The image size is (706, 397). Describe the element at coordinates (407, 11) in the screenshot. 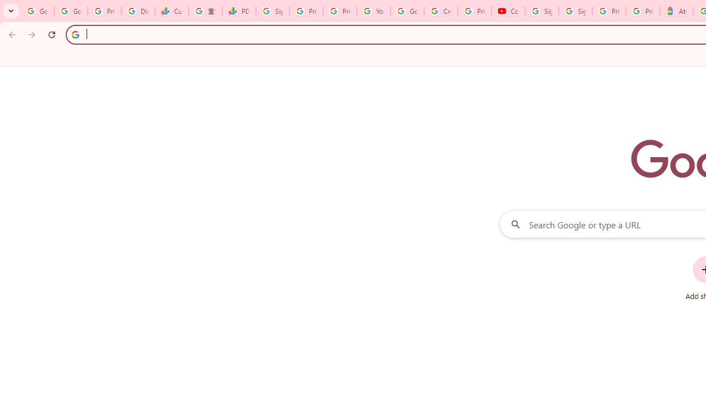

I see `'Google Account Help'` at that location.